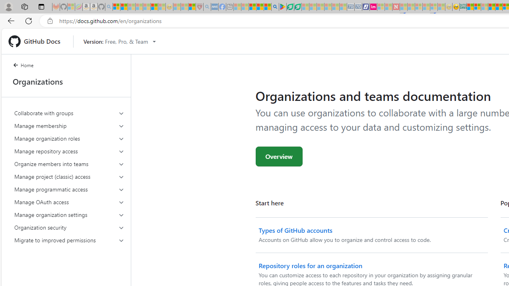 The height and width of the screenshot is (286, 509). Describe the element at coordinates (69, 215) in the screenshot. I see `'Manage organization settings'` at that location.